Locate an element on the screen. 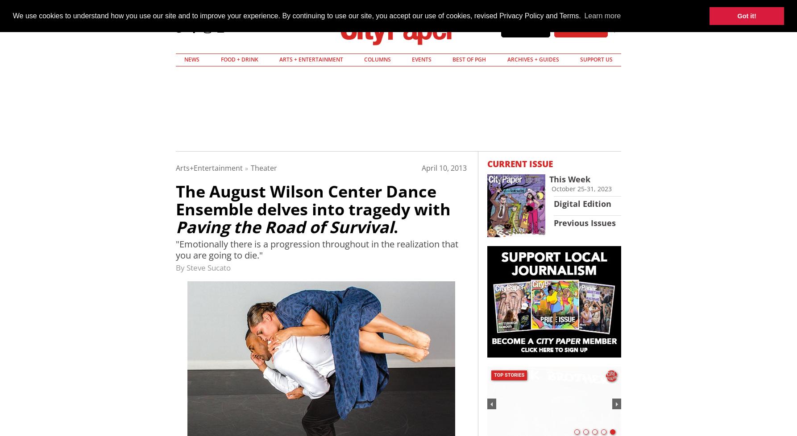 Image resolution: width=797 pixels, height=436 pixels. 'Previous Issues' is located at coordinates (585, 222).